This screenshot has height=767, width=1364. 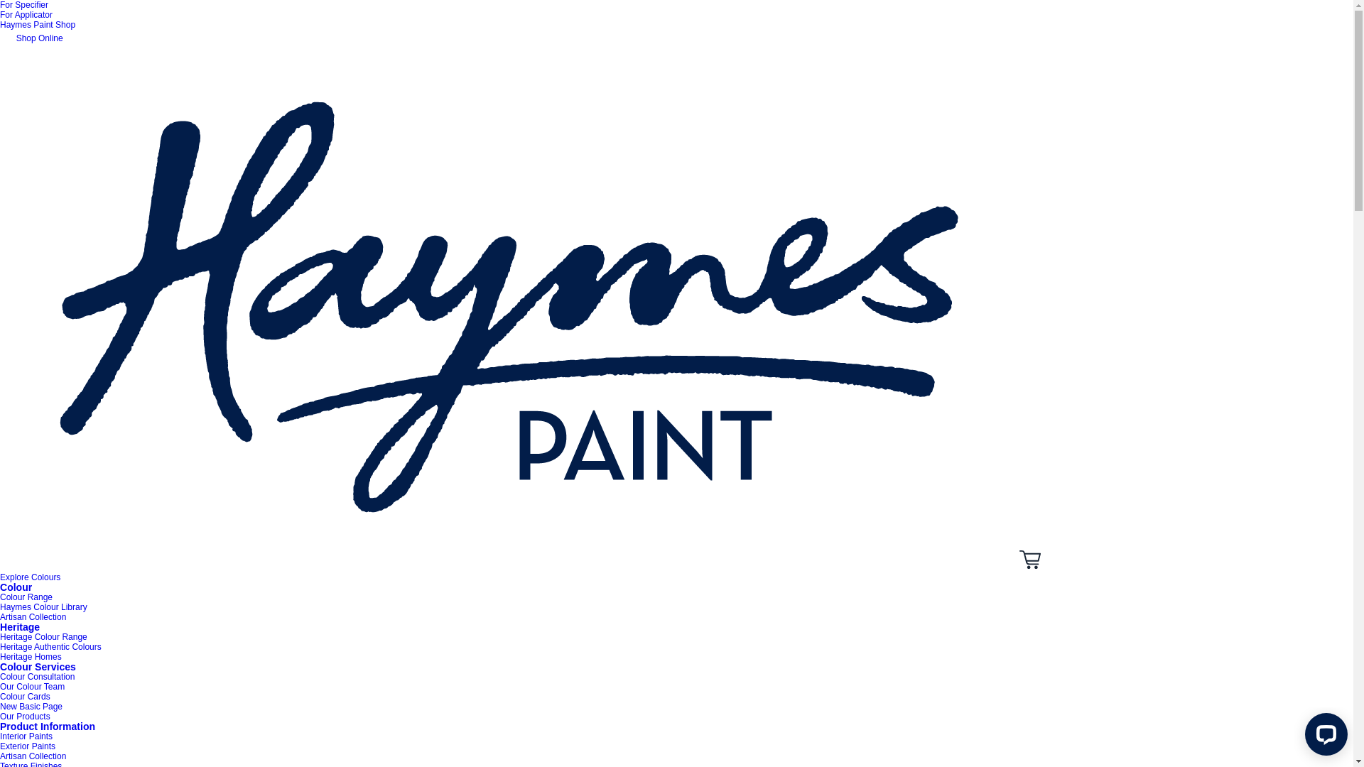 What do you see at coordinates (0, 657) in the screenshot?
I see `'Heritage Homes'` at bounding box center [0, 657].